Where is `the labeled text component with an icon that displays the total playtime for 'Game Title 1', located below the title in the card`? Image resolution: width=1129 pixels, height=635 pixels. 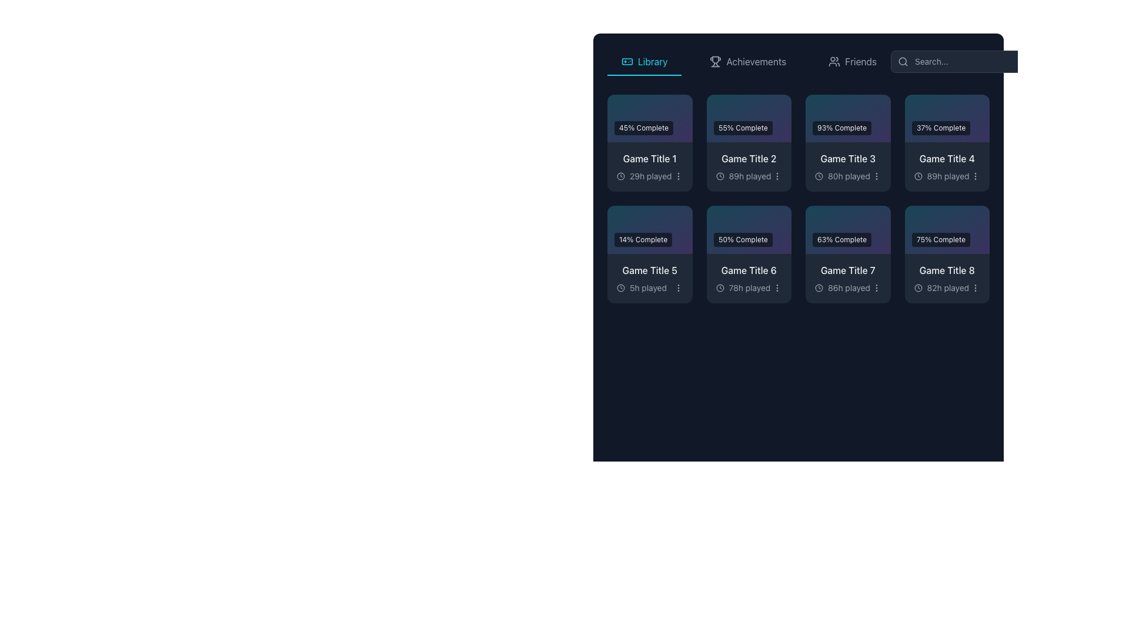 the labeled text component with an icon that displays the total playtime for 'Game Title 1', located below the title in the card is located at coordinates (643, 176).